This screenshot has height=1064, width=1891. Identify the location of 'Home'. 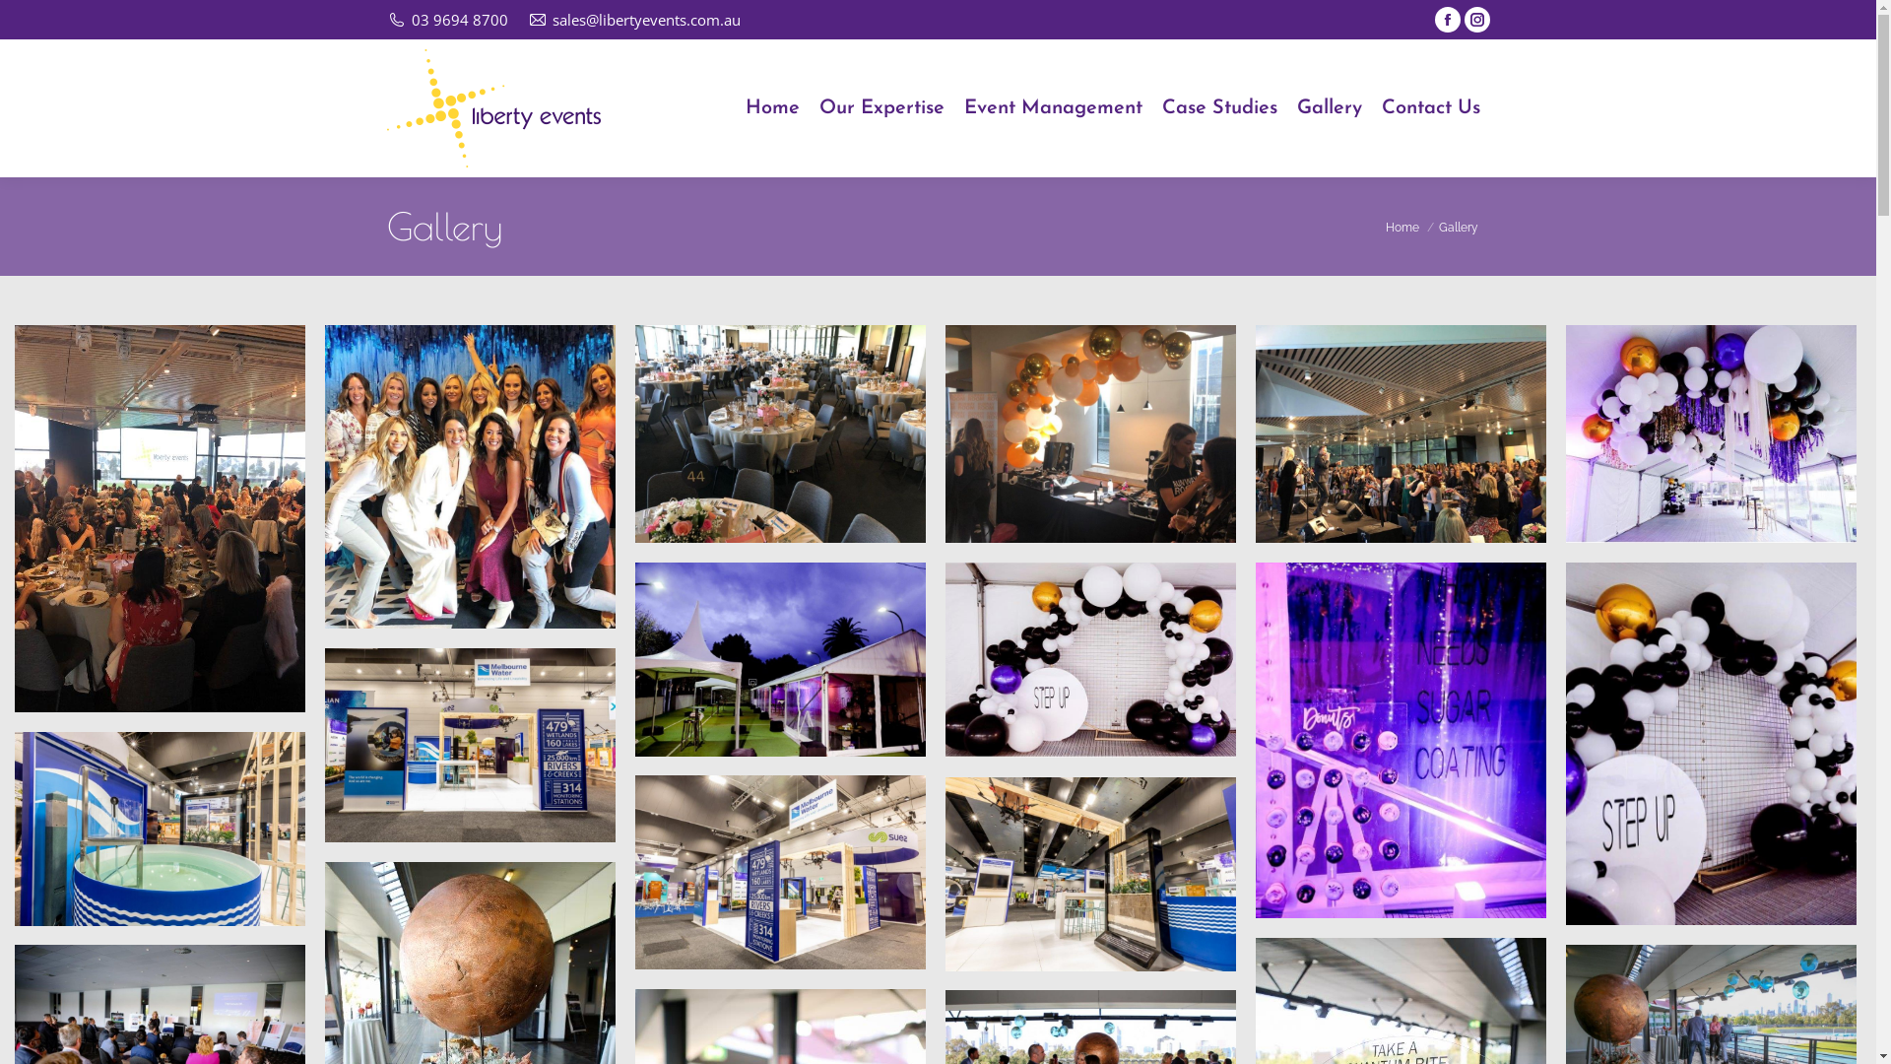
(770, 108).